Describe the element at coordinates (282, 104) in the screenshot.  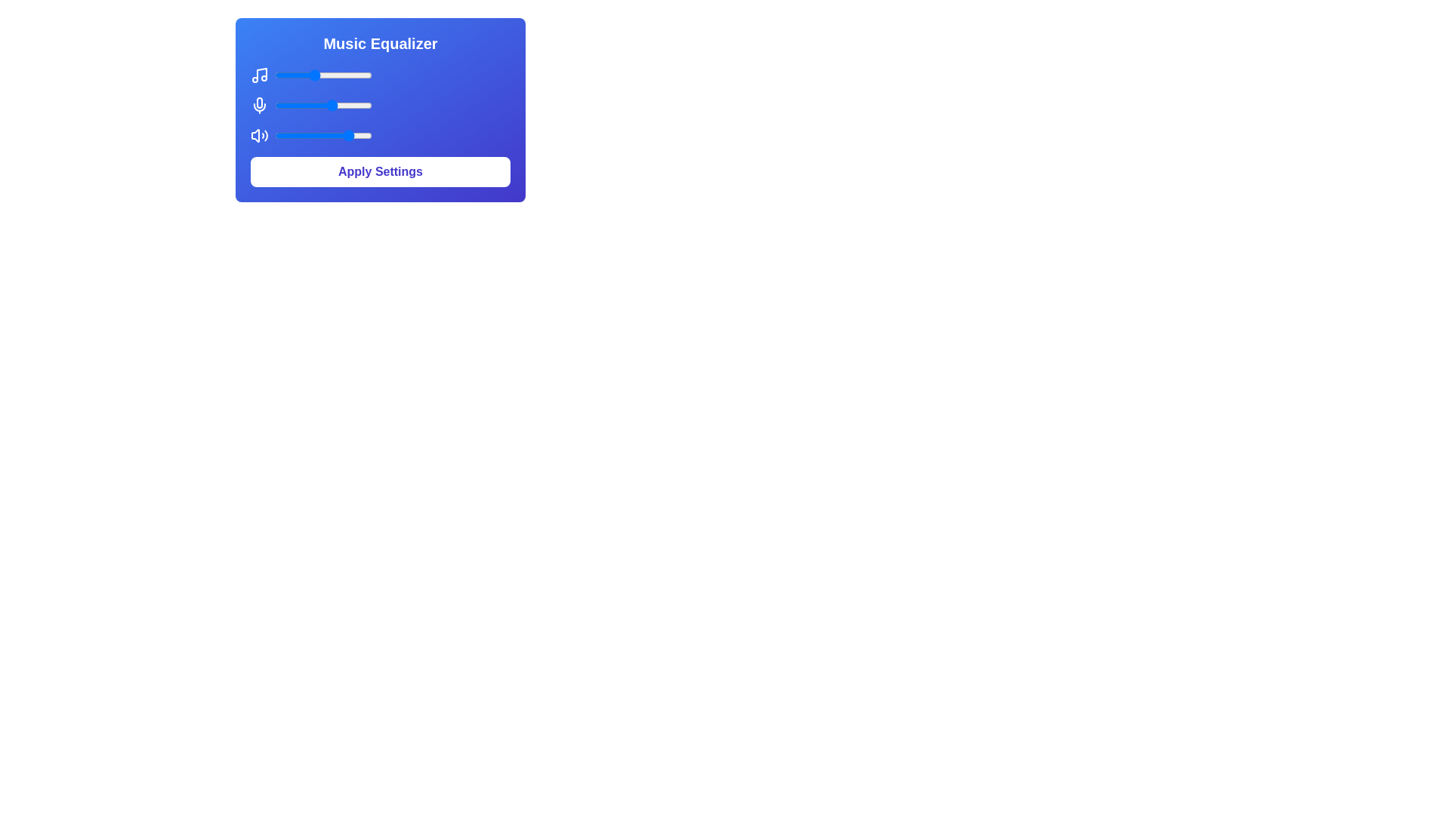
I see `the slider` at that location.